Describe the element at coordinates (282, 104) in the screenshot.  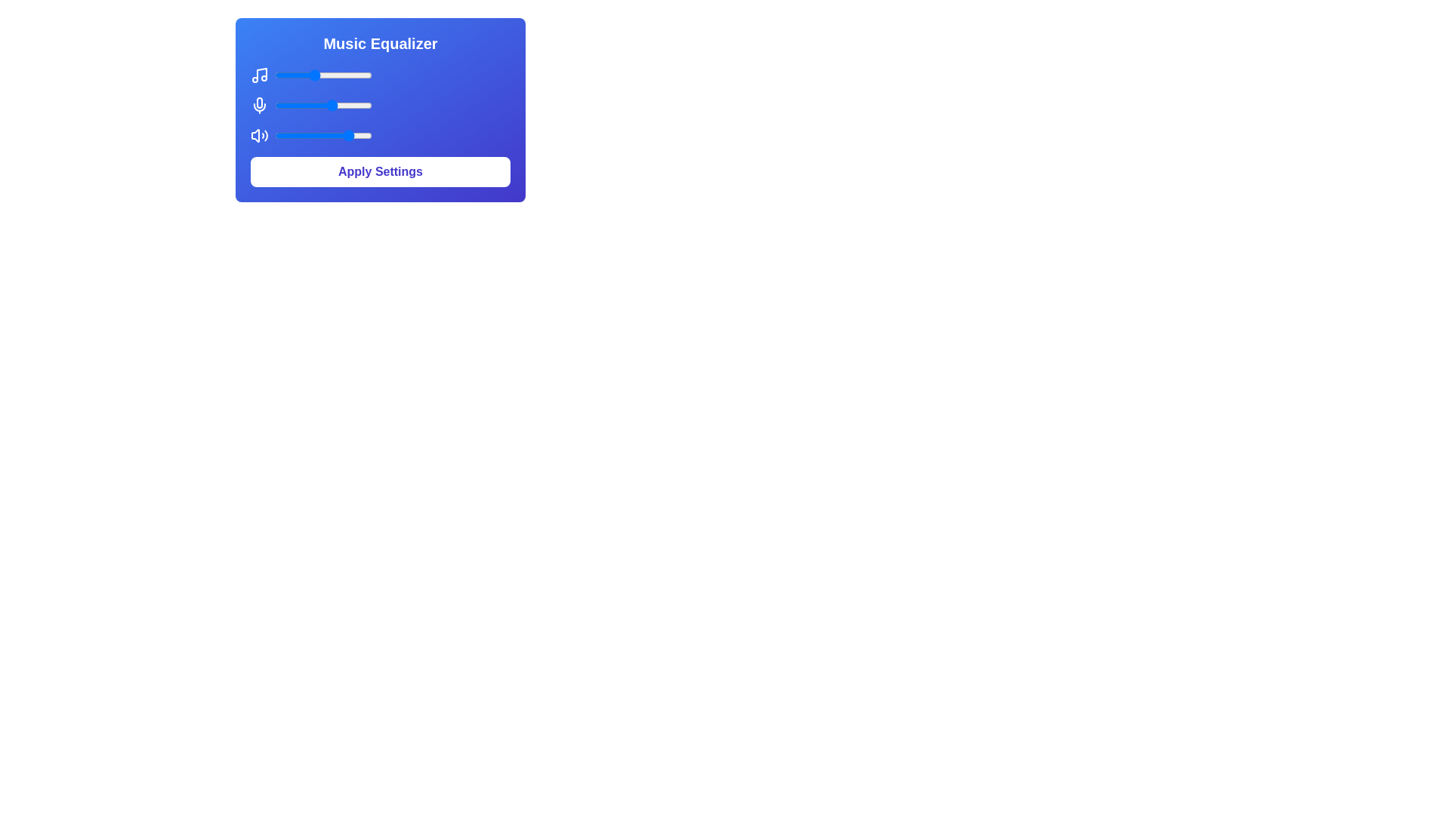
I see `the slider` at that location.